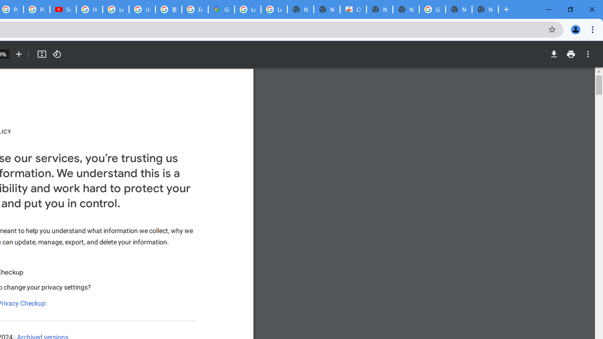  Describe the element at coordinates (432, 9) in the screenshot. I see `'Google Images'` at that location.